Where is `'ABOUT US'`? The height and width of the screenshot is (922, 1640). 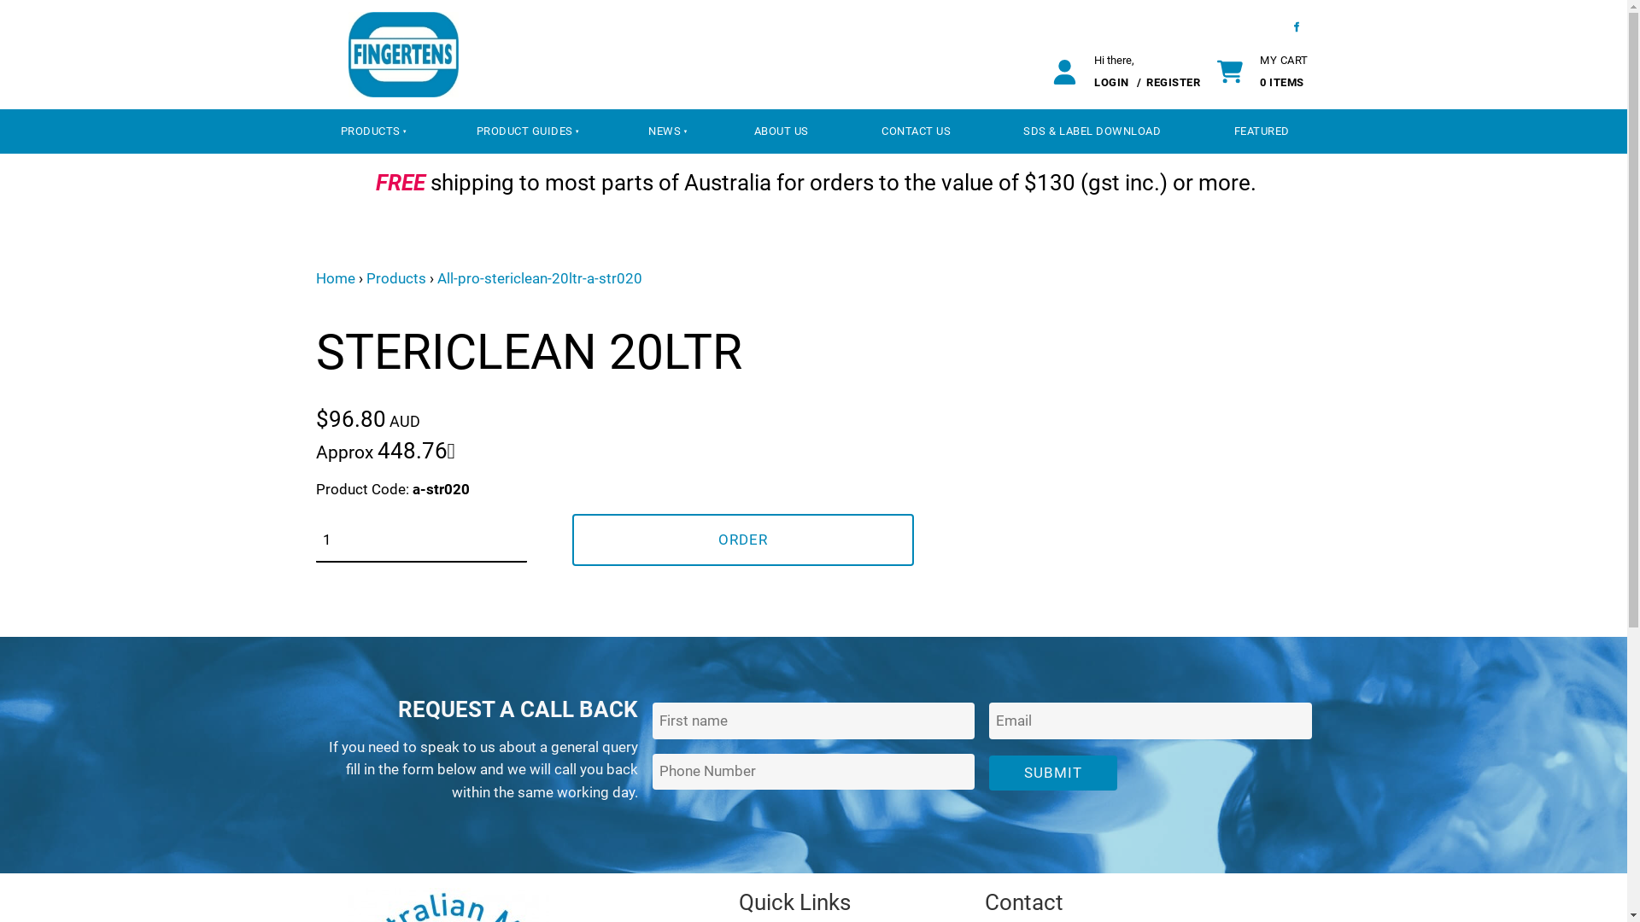 'ABOUT US' is located at coordinates (780, 131).